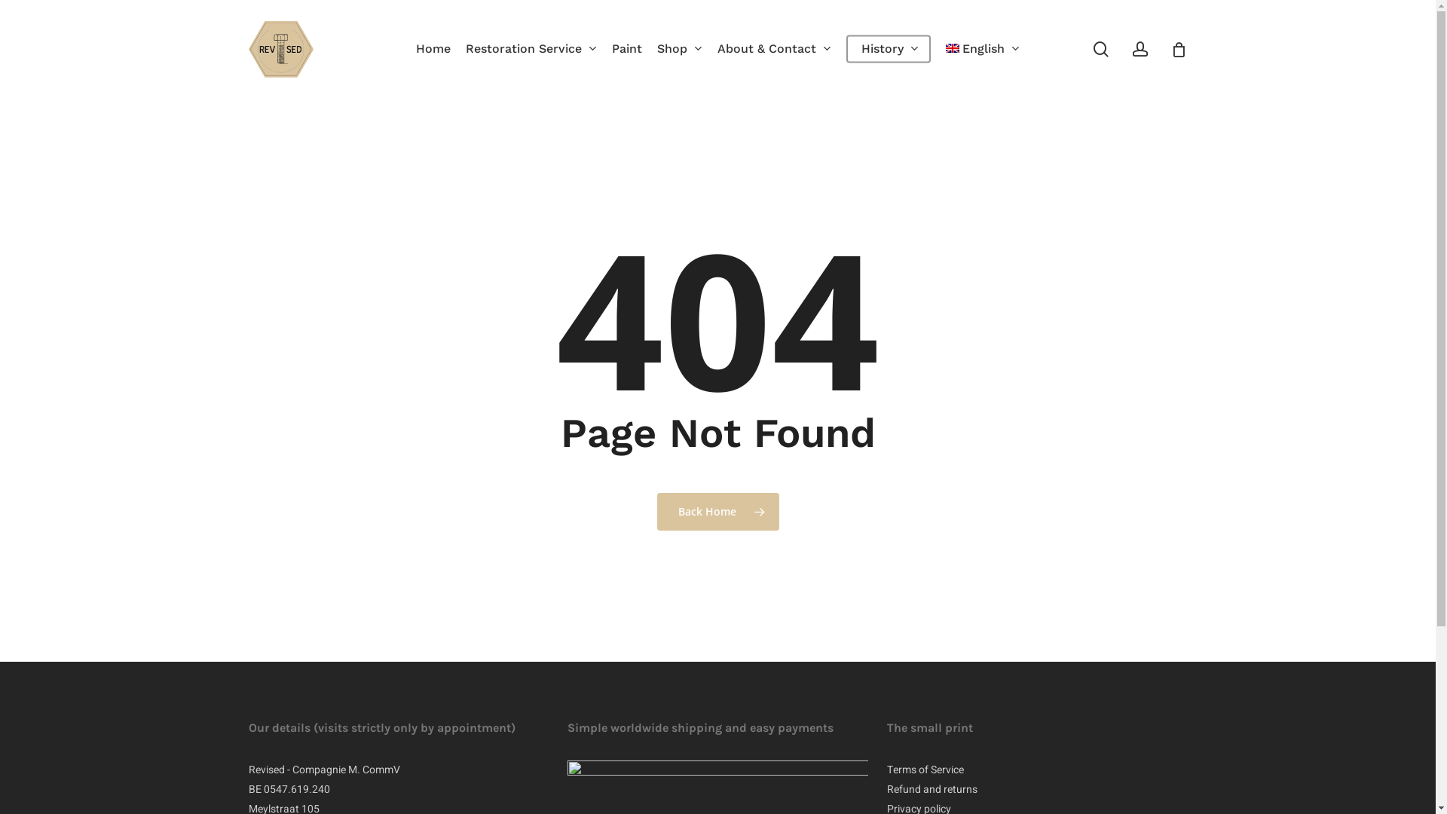 This screenshot has width=1447, height=814. Describe the element at coordinates (983, 48) in the screenshot. I see `'English'` at that location.